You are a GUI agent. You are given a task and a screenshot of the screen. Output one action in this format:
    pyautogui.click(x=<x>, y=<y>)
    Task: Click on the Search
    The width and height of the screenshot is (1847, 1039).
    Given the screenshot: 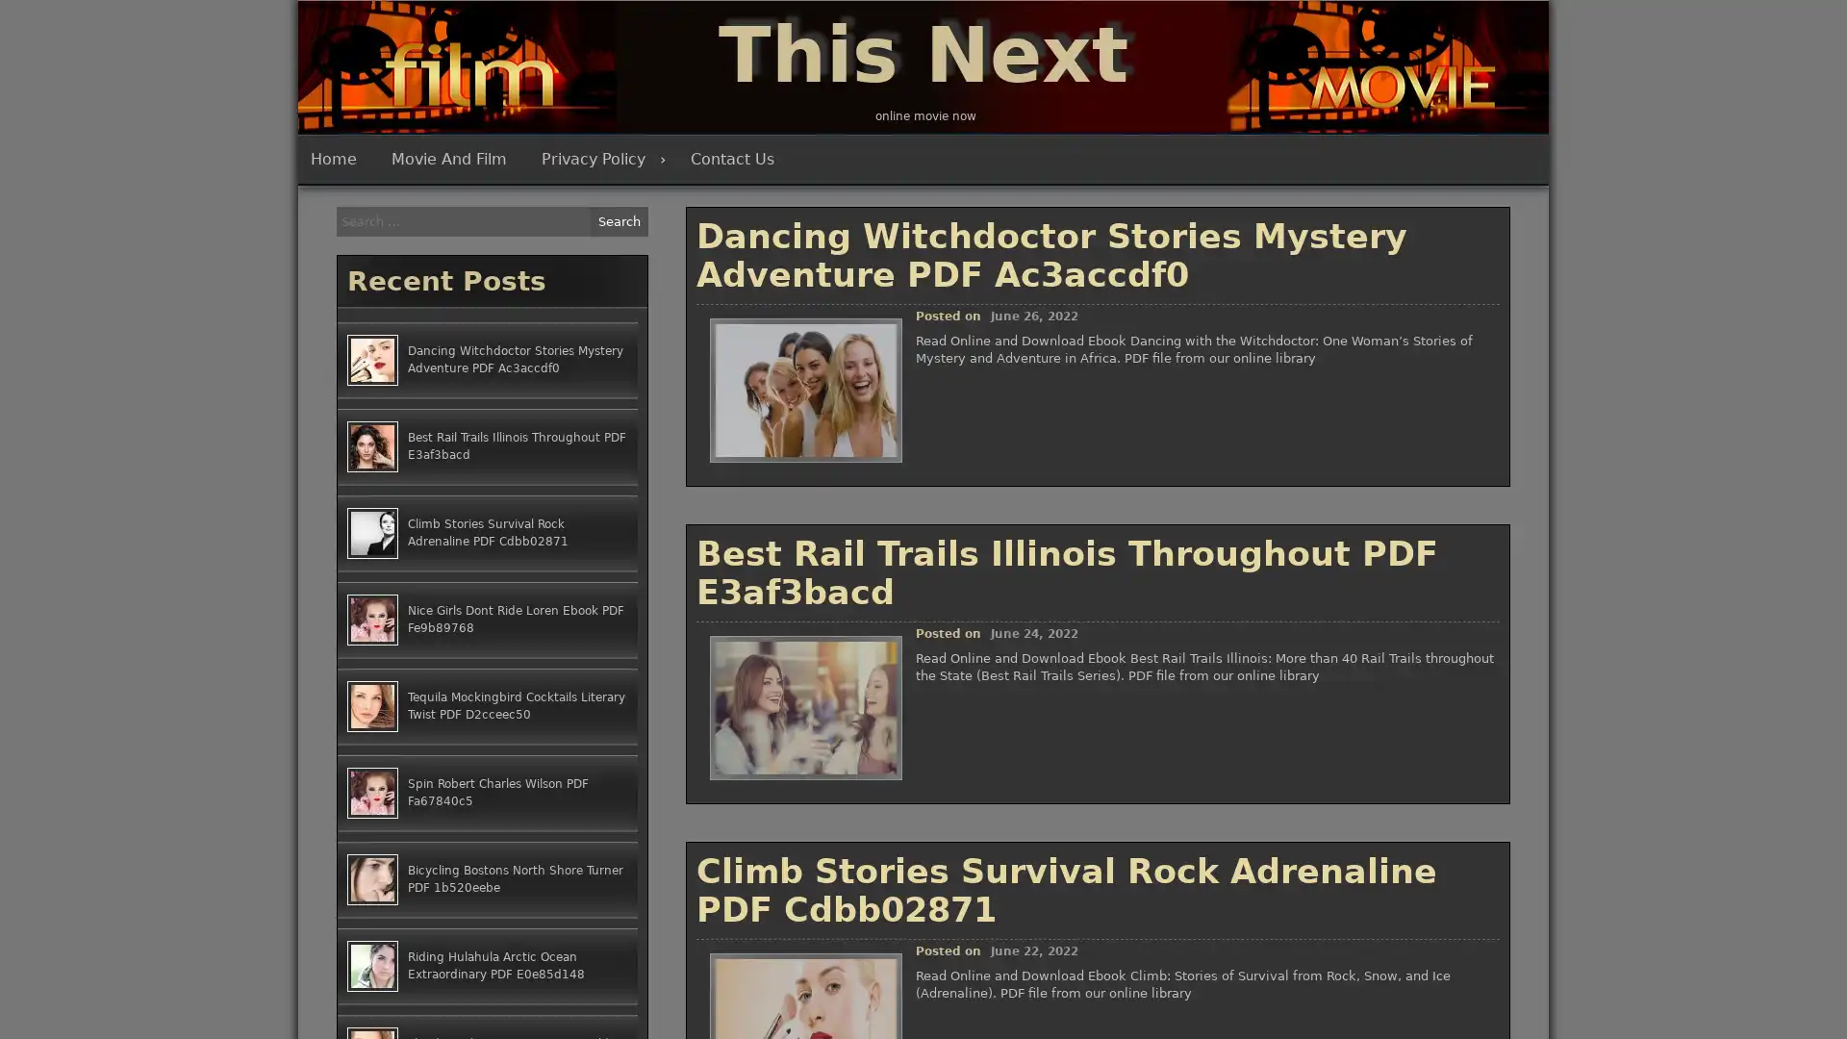 What is the action you would take?
    pyautogui.click(x=619, y=220)
    